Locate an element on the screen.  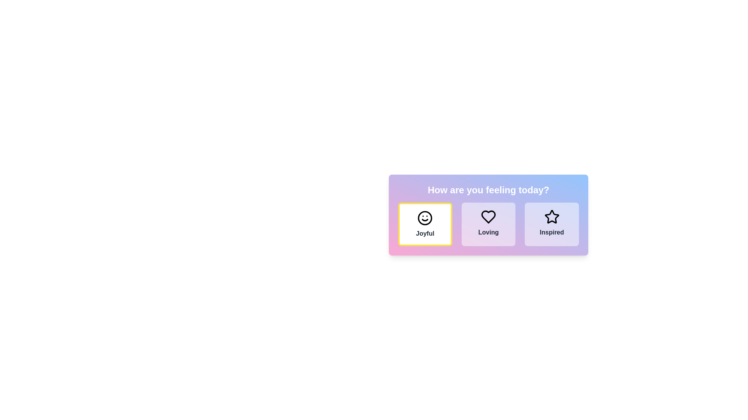
the text label displaying 'Inspired' is located at coordinates (551, 232).